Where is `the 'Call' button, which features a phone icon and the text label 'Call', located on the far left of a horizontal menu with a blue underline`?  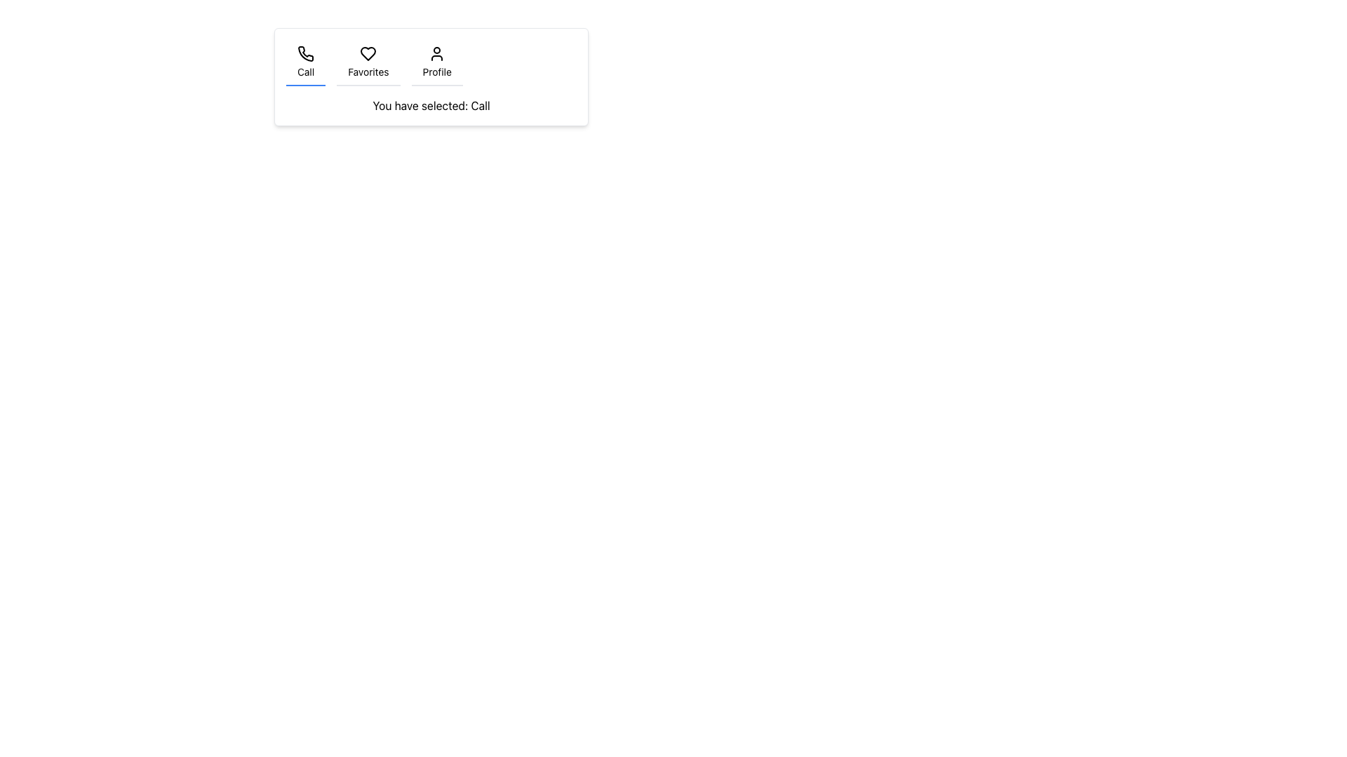
the 'Call' button, which features a phone icon and the text label 'Call', located on the far left of a horizontal menu with a blue underline is located at coordinates (305, 62).